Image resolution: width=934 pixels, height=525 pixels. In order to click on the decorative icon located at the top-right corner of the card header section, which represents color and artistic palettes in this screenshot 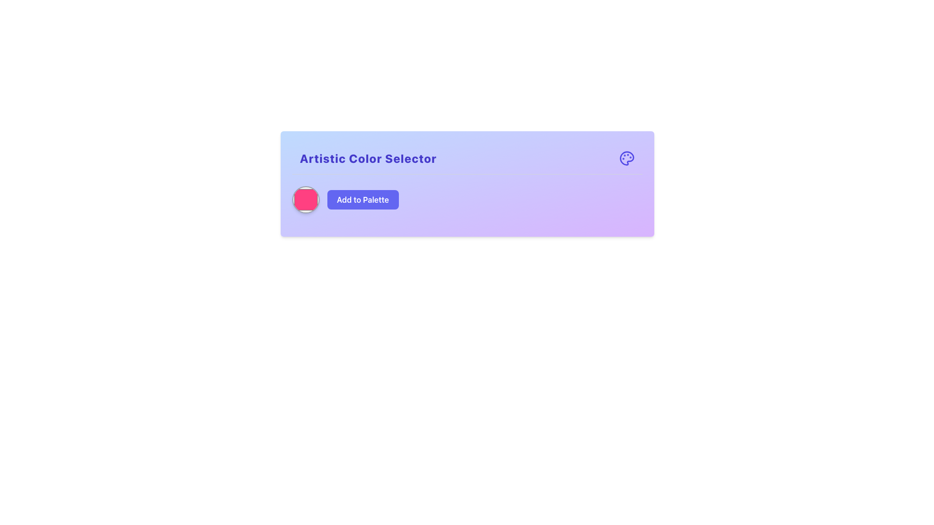, I will do `click(627, 158)`.